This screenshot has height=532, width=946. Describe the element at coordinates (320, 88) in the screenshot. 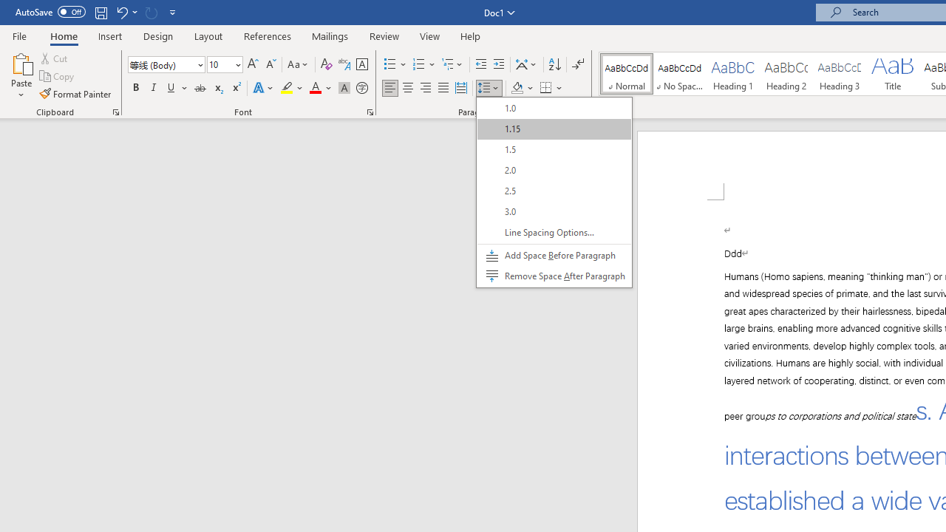

I see `'Font Color'` at that location.